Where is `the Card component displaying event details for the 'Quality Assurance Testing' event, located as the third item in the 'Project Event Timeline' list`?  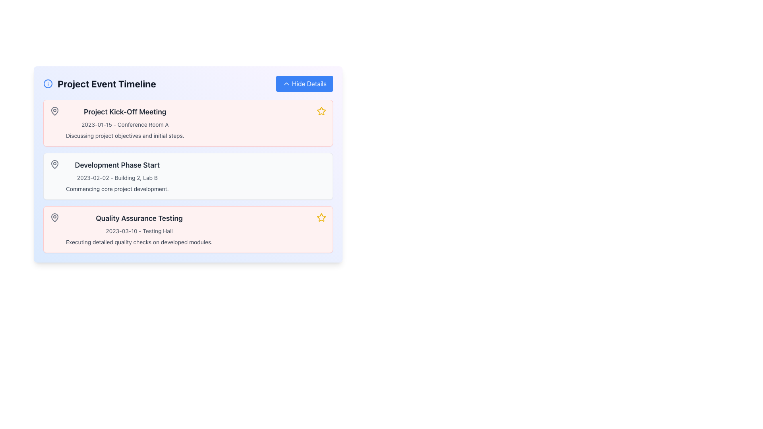
the Card component displaying event details for the 'Quality Assurance Testing' event, located as the third item in the 'Project Event Timeline' list is located at coordinates (188, 230).